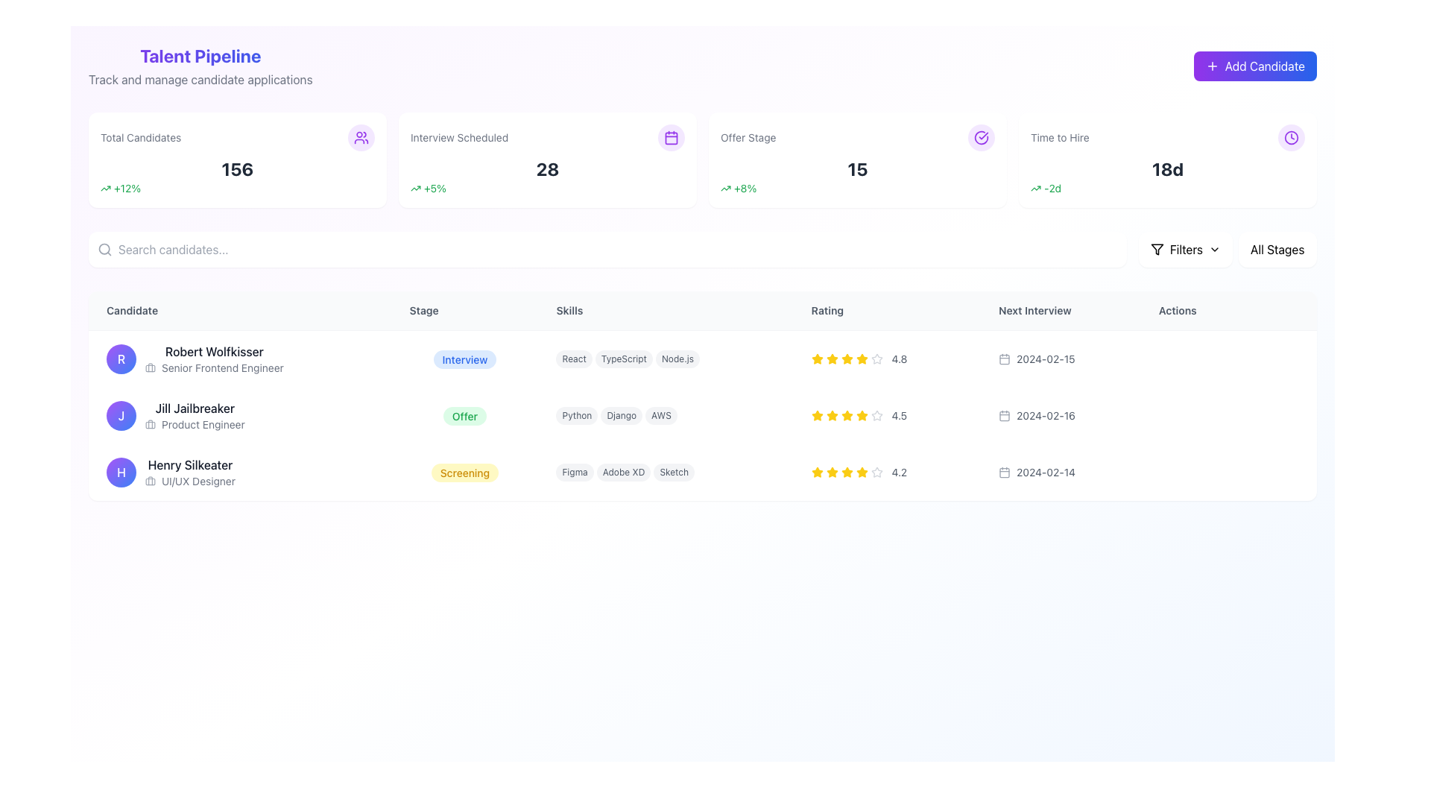 The width and height of the screenshot is (1431, 805). Describe the element at coordinates (701, 472) in the screenshot. I see `information provided in the third row of the table displaying user details, which includes the individual's role, expertise, stage in the process, rating, and next interview date` at that location.